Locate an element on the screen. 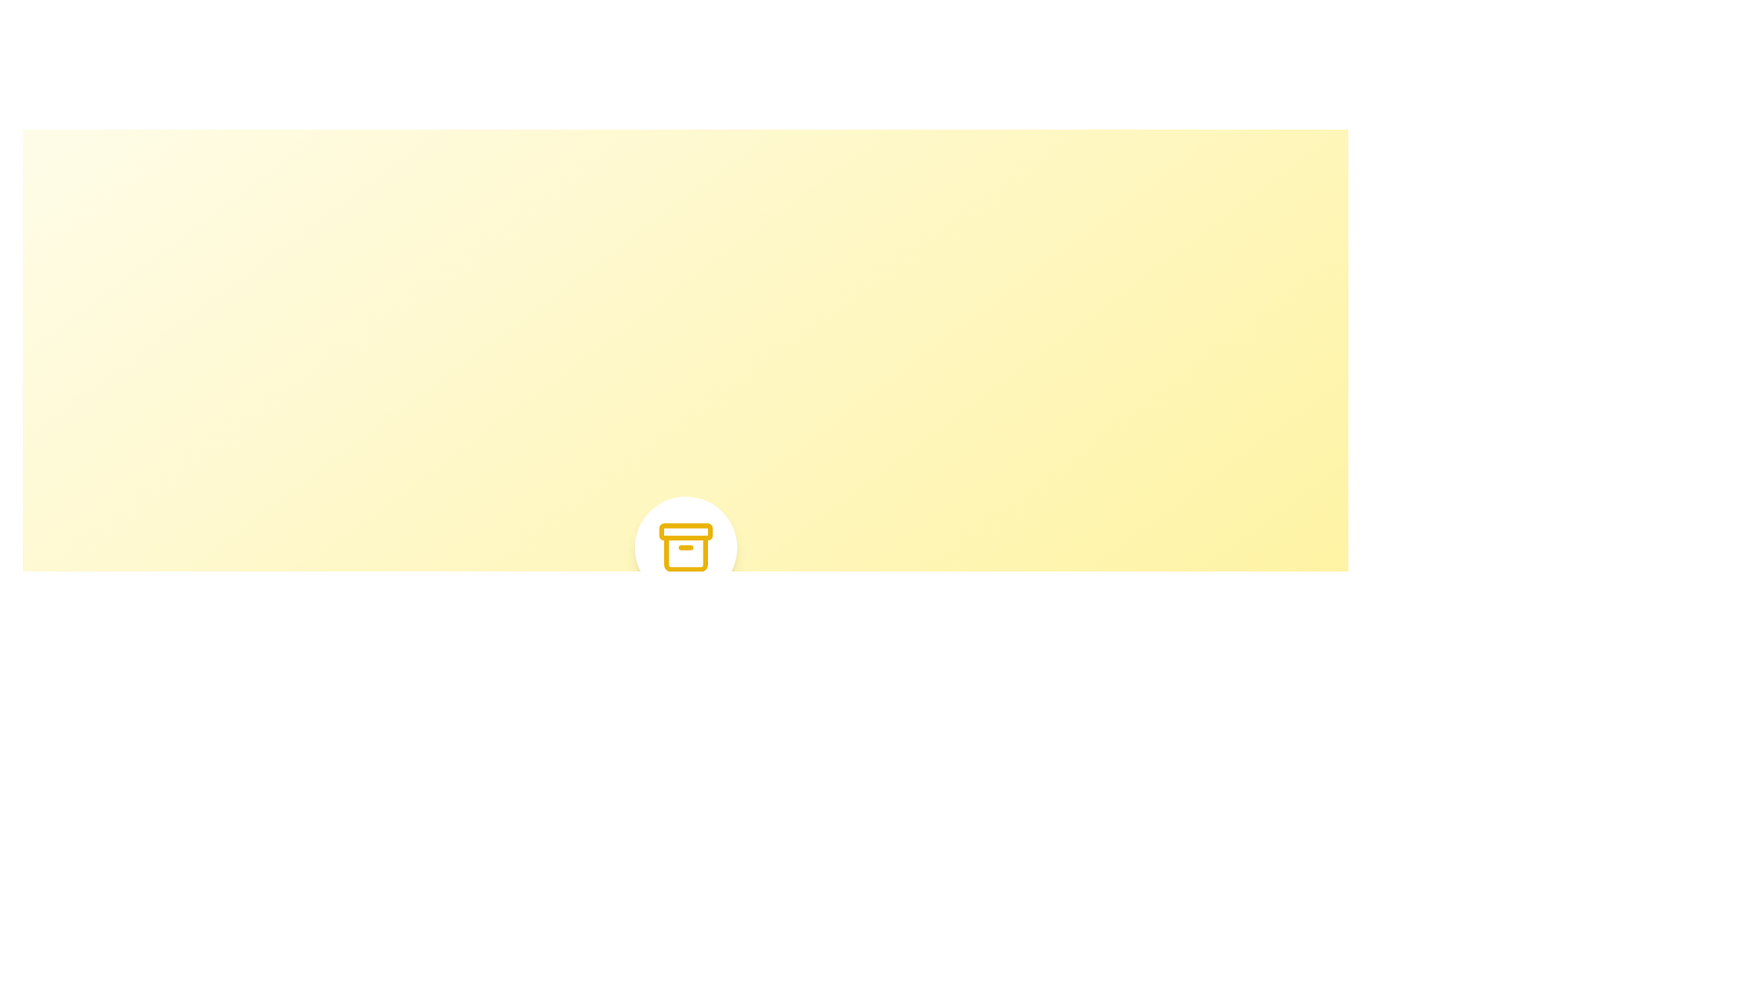 This screenshot has height=986, width=1754. the archive icon, which represents an empty state and is located above the 'No Items Available' text and action buttons is located at coordinates (684, 547).